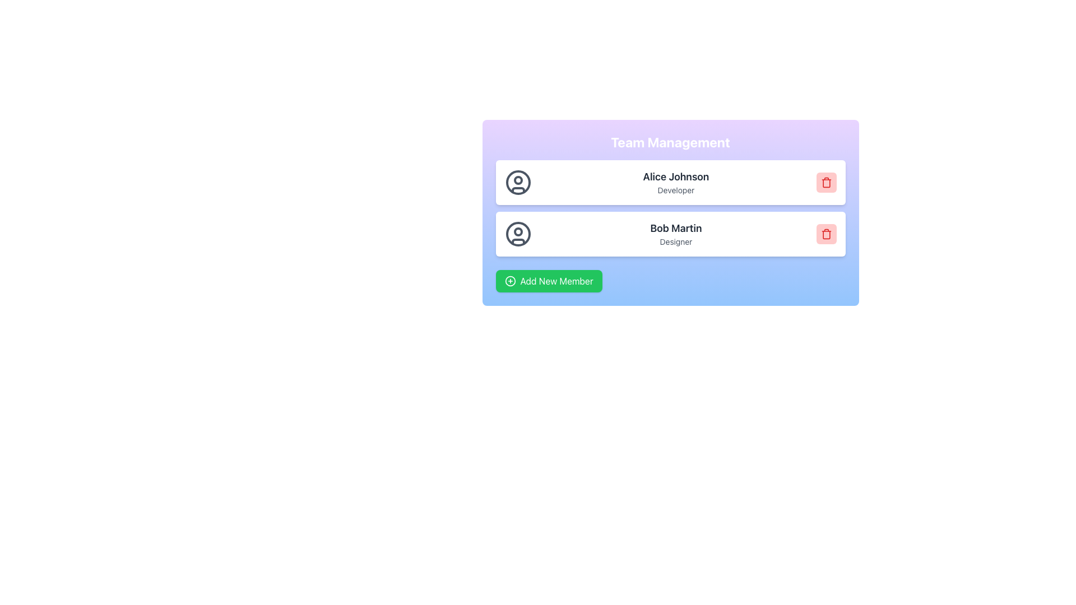  I want to click on the 'Add Member' button located at the bottom of the 'Team Management' panel by, so click(549, 280).